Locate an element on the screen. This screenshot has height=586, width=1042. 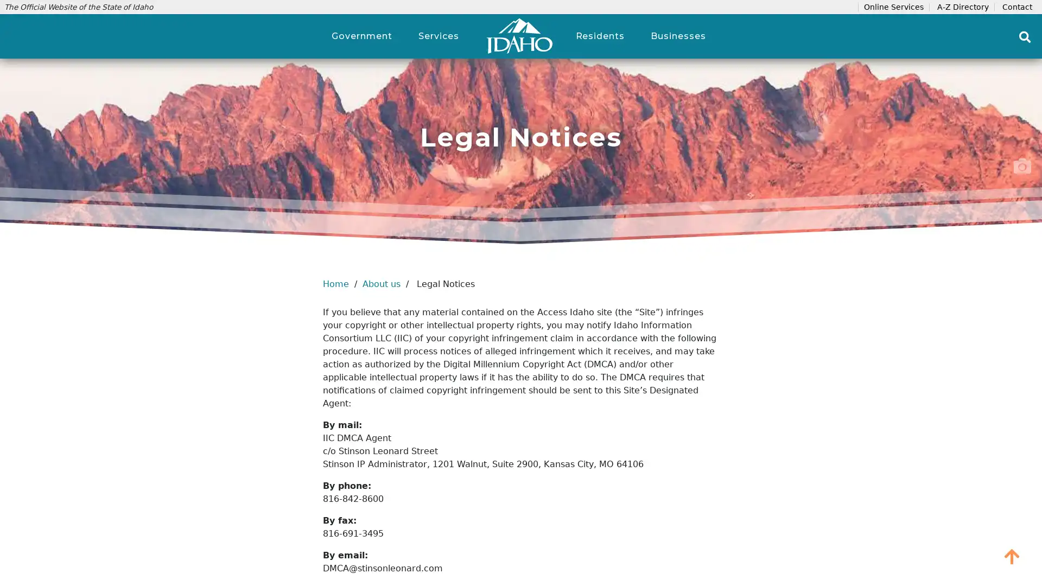
Search is located at coordinates (1025, 36).